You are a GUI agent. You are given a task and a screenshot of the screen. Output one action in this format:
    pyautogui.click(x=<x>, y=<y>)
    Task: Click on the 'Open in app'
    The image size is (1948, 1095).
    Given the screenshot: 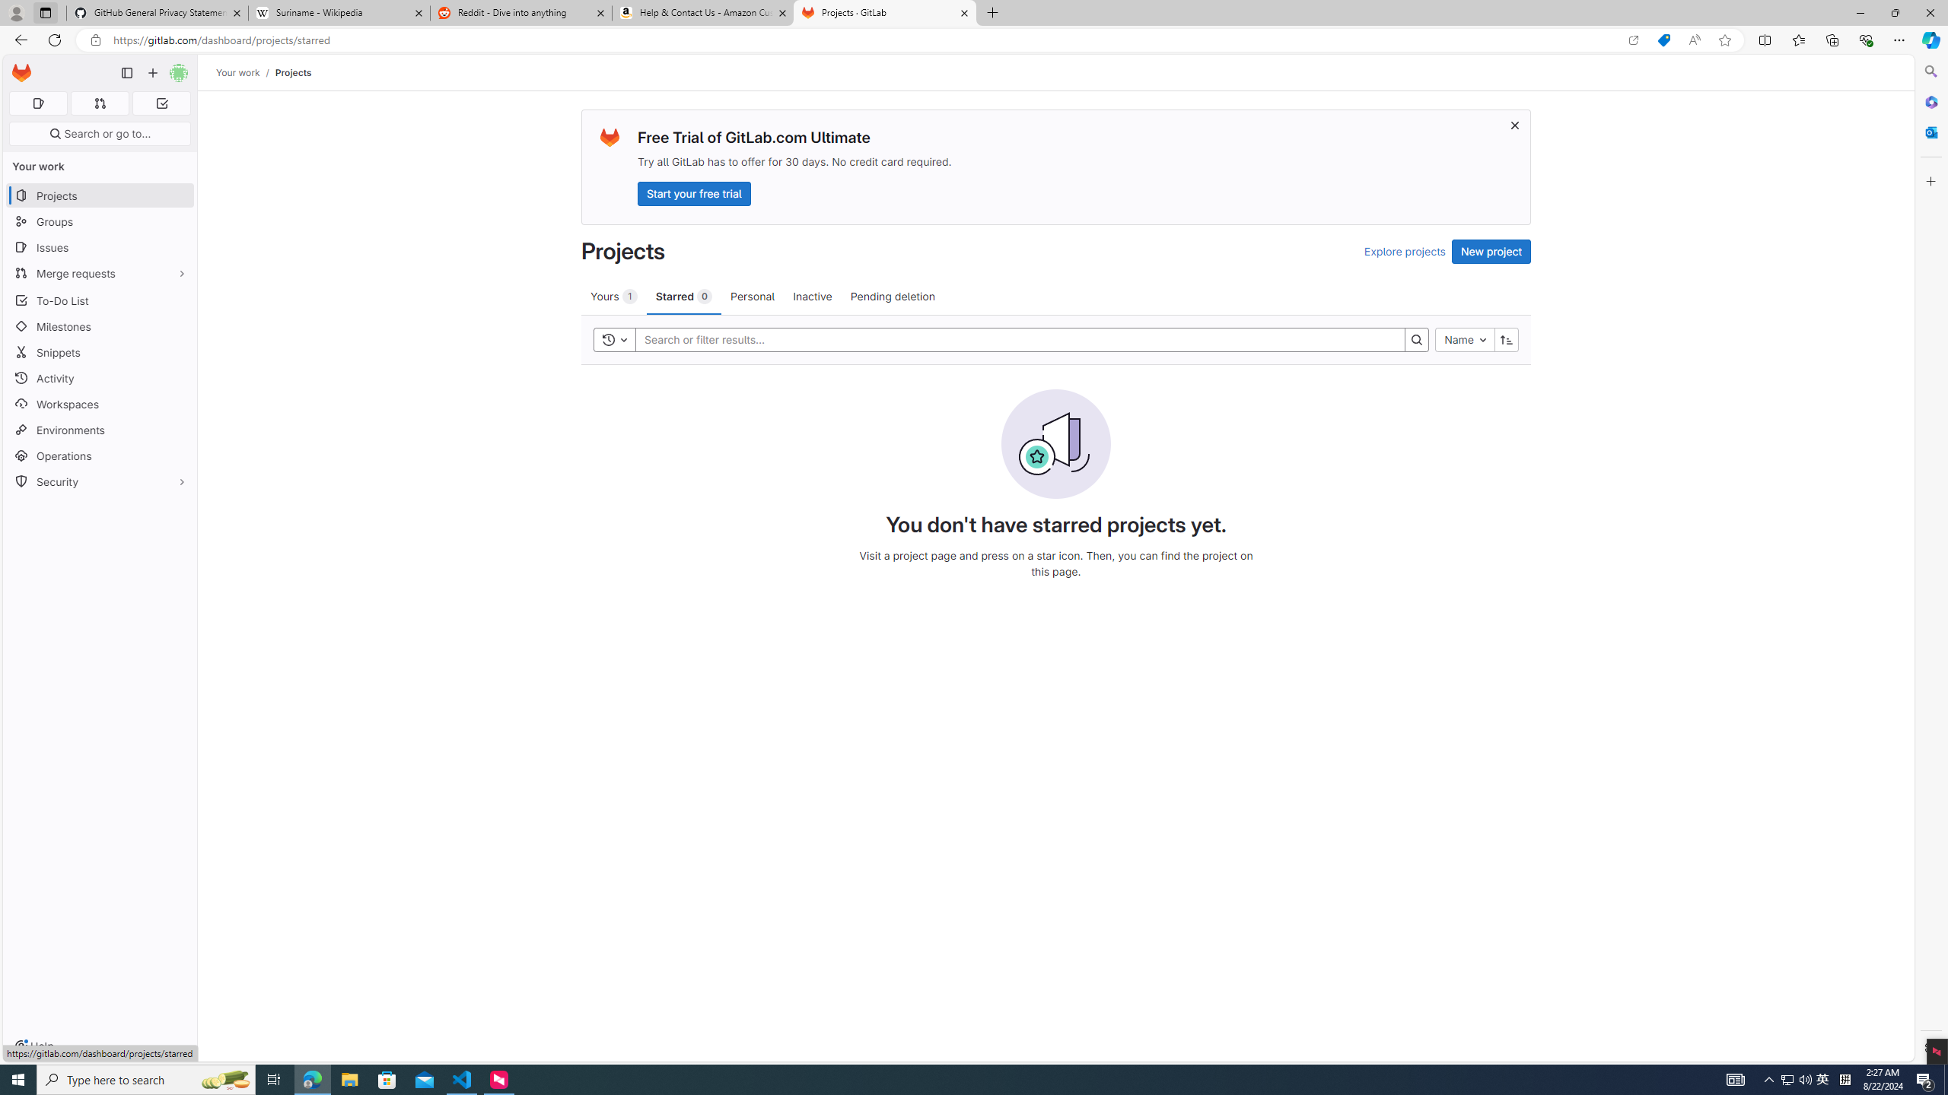 What is the action you would take?
    pyautogui.click(x=1632, y=40)
    